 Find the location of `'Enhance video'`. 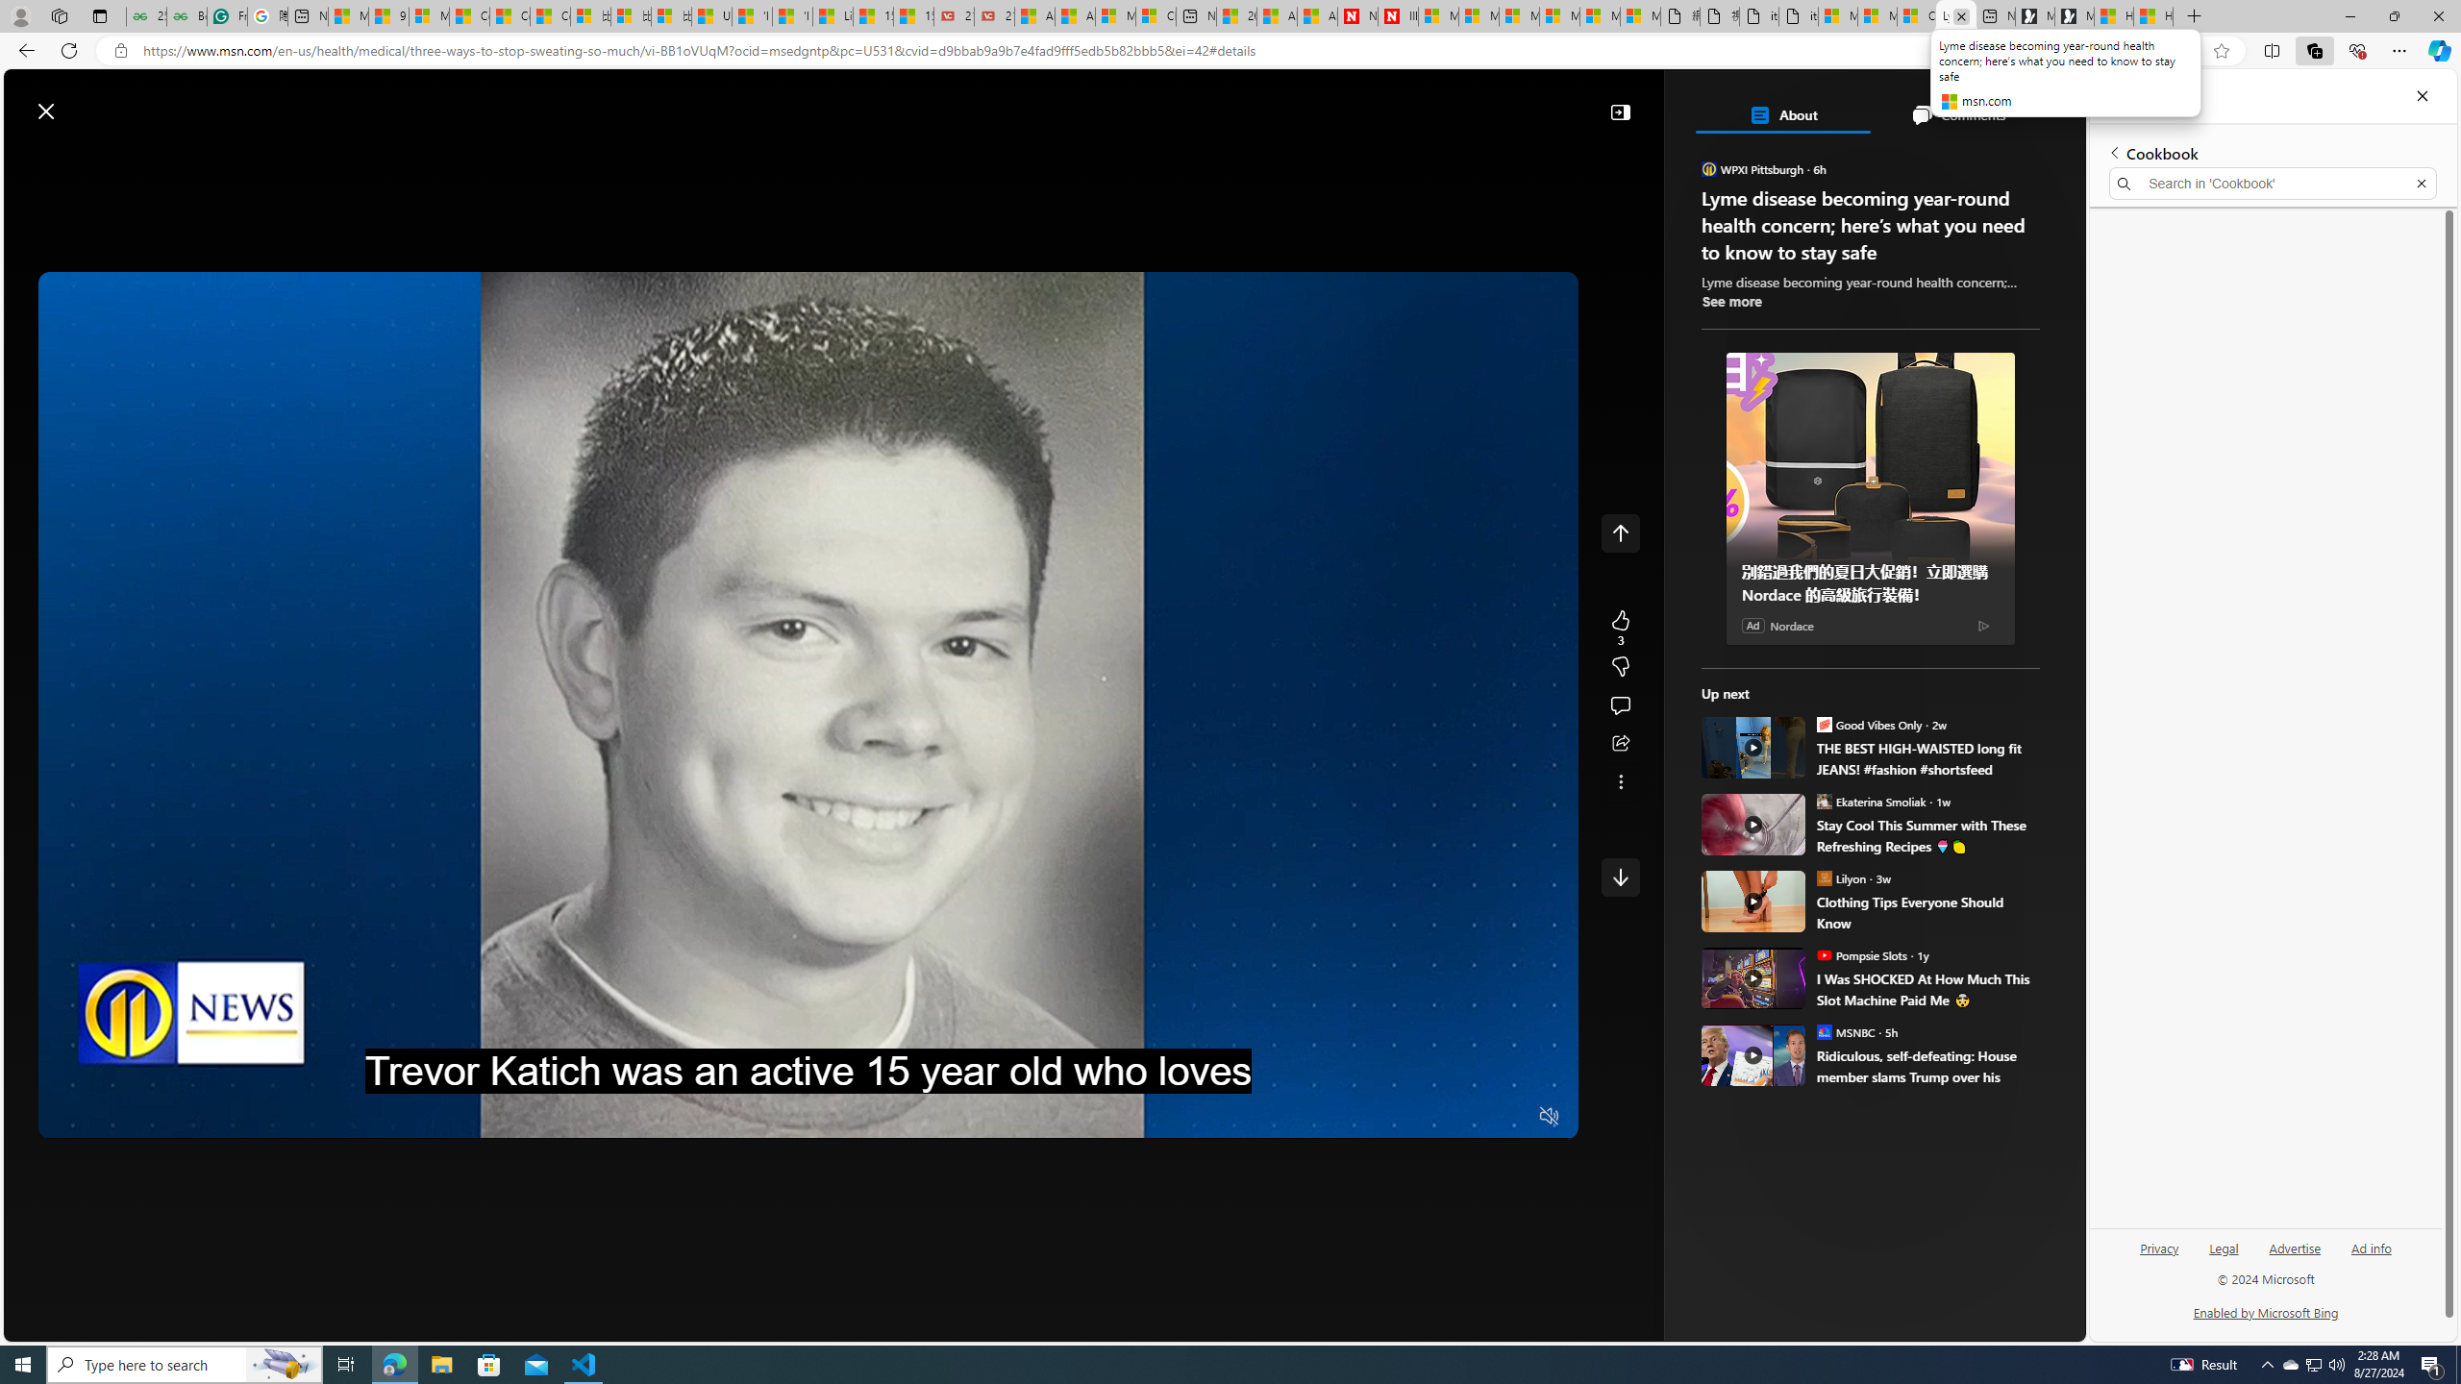

'Enhance video' is located at coordinates (2182, 51).